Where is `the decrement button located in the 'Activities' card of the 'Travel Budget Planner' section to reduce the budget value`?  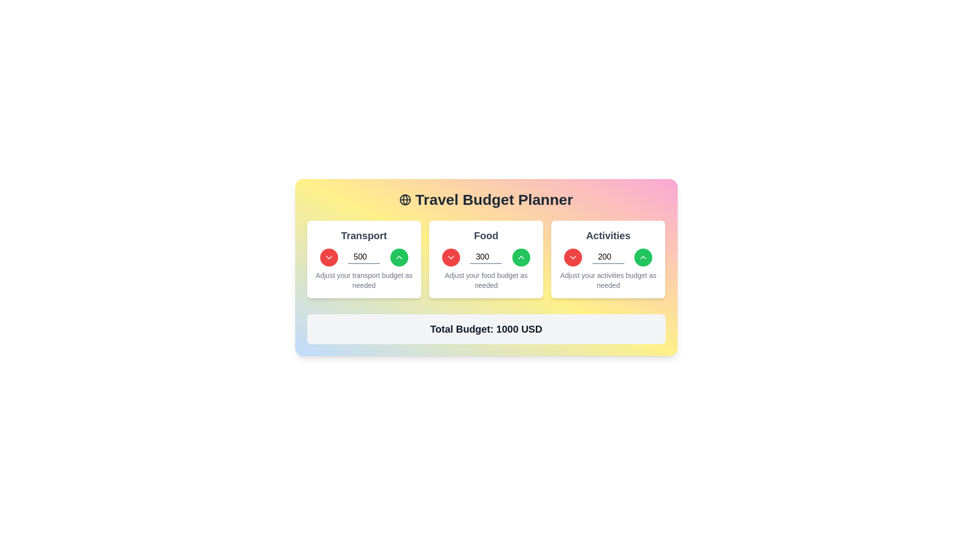
the decrement button located in the 'Activities' card of the 'Travel Budget Planner' section to reduce the budget value is located at coordinates (573, 257).